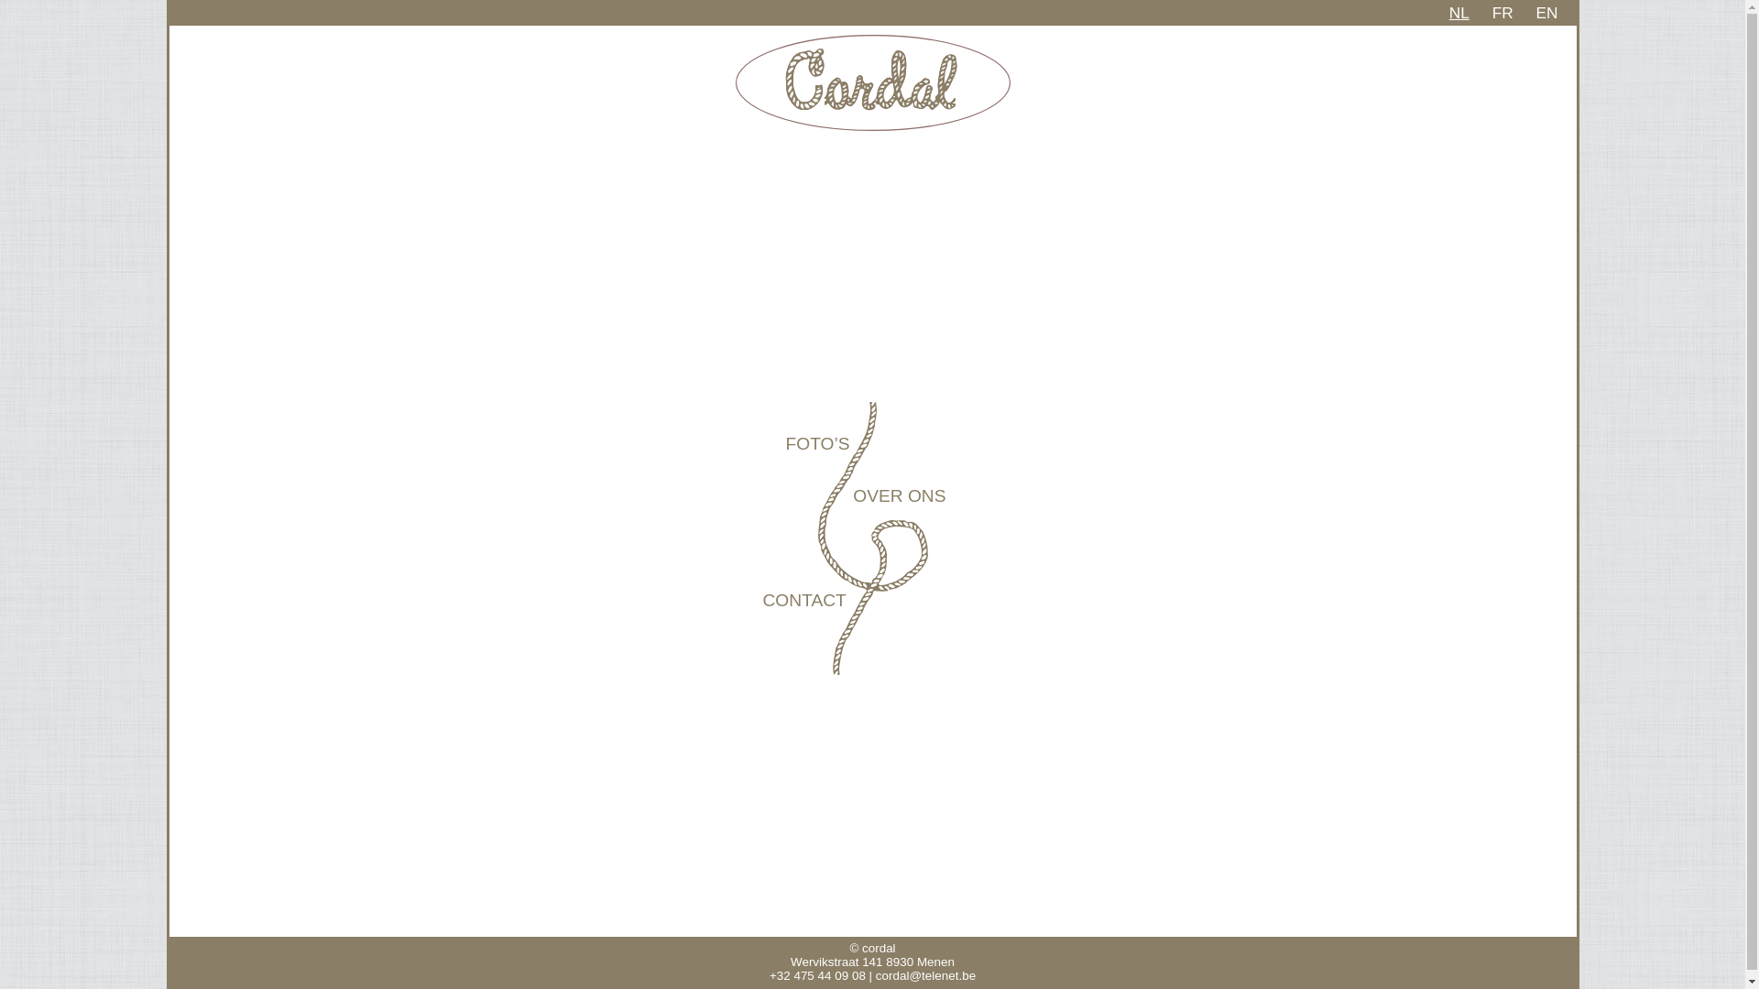  What do you see at coordinates (1459, 13) in the screenshot?
I see `'NL'` at bounding box center [1459, 13].